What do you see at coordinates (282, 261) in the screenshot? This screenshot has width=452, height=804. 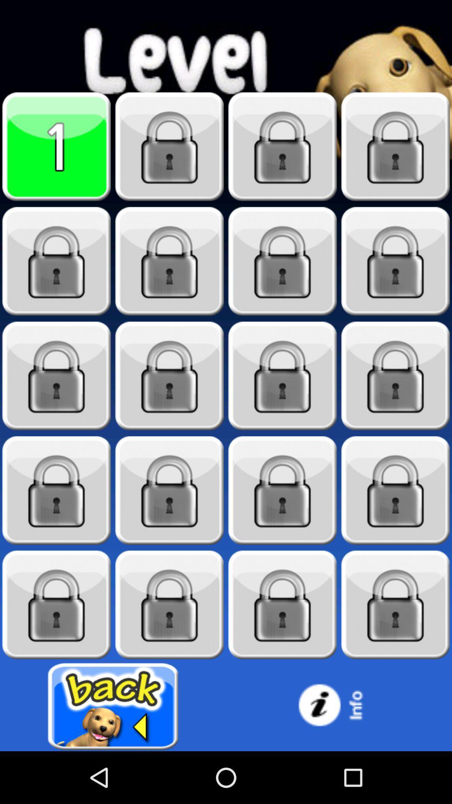 I see `click for the level` at bounding box center [282, 261].